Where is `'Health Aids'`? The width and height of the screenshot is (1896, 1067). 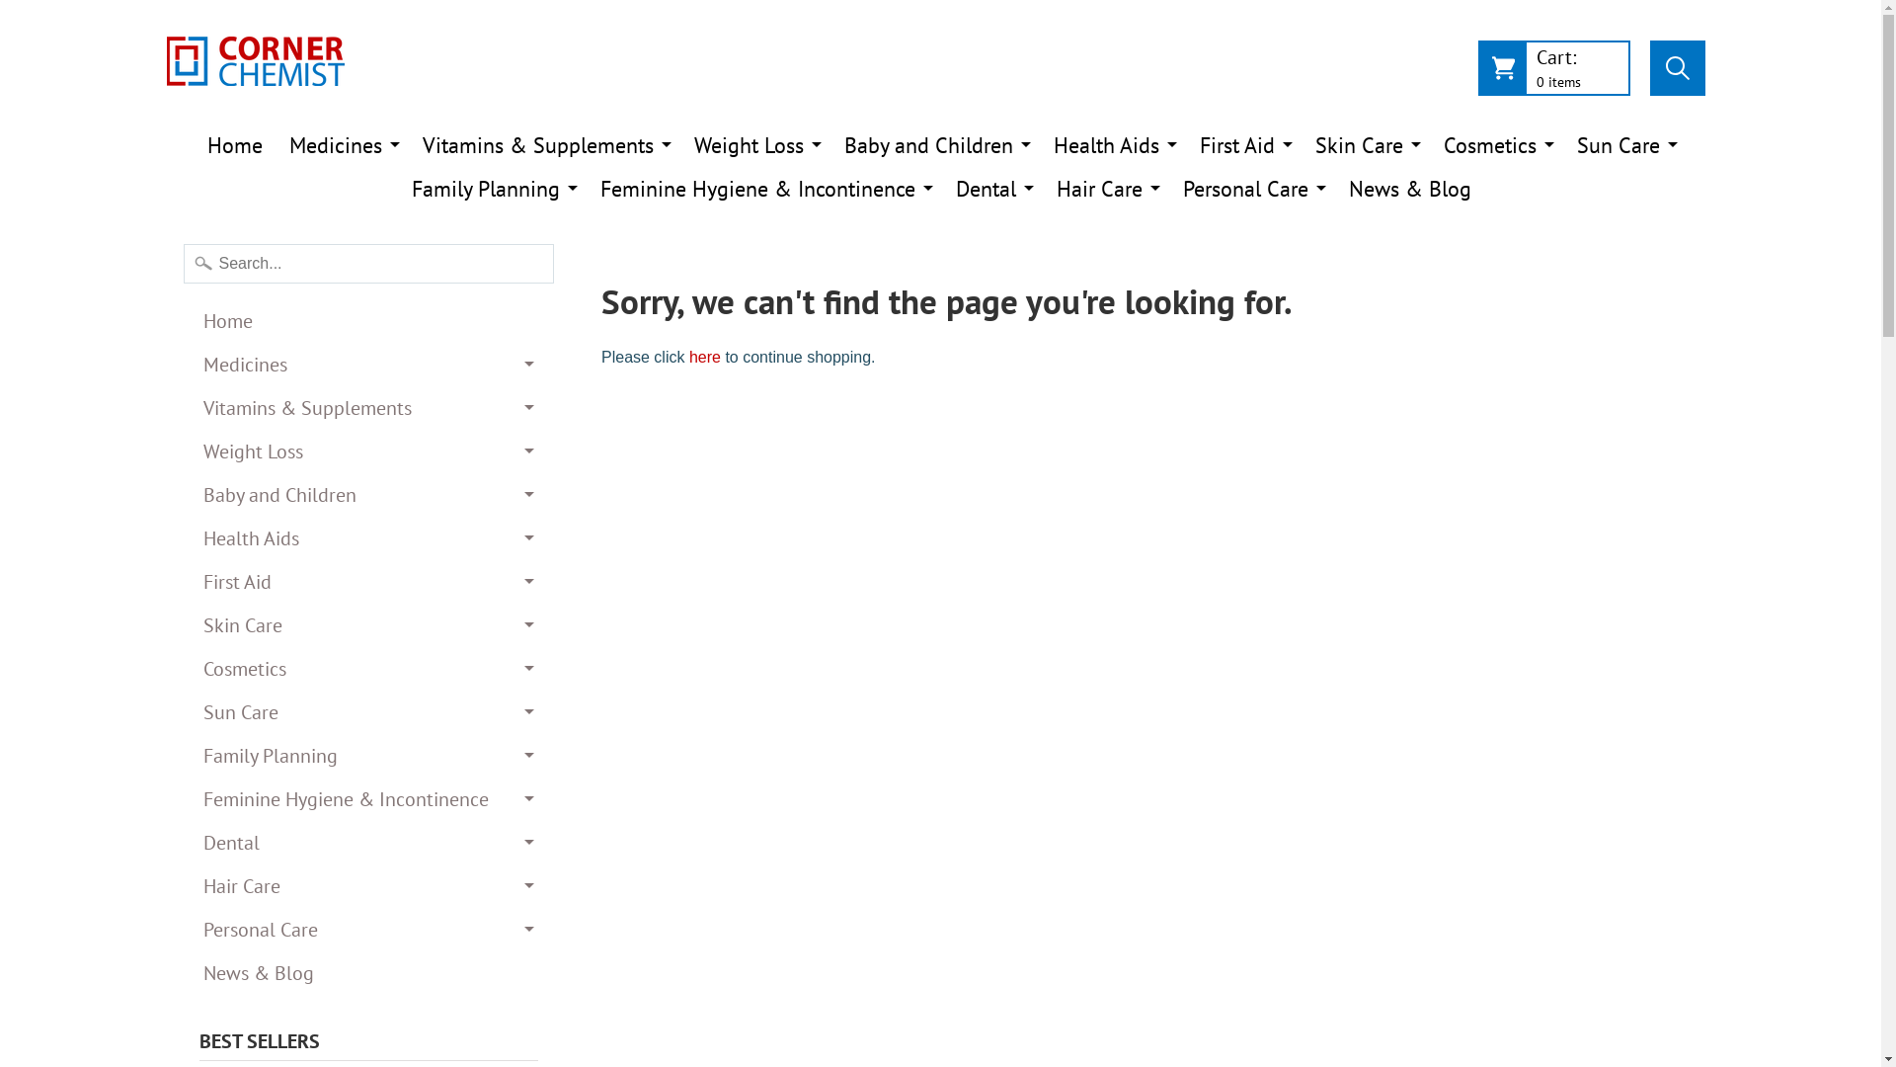
'Health Aids' is located at coordinates (369, 537).